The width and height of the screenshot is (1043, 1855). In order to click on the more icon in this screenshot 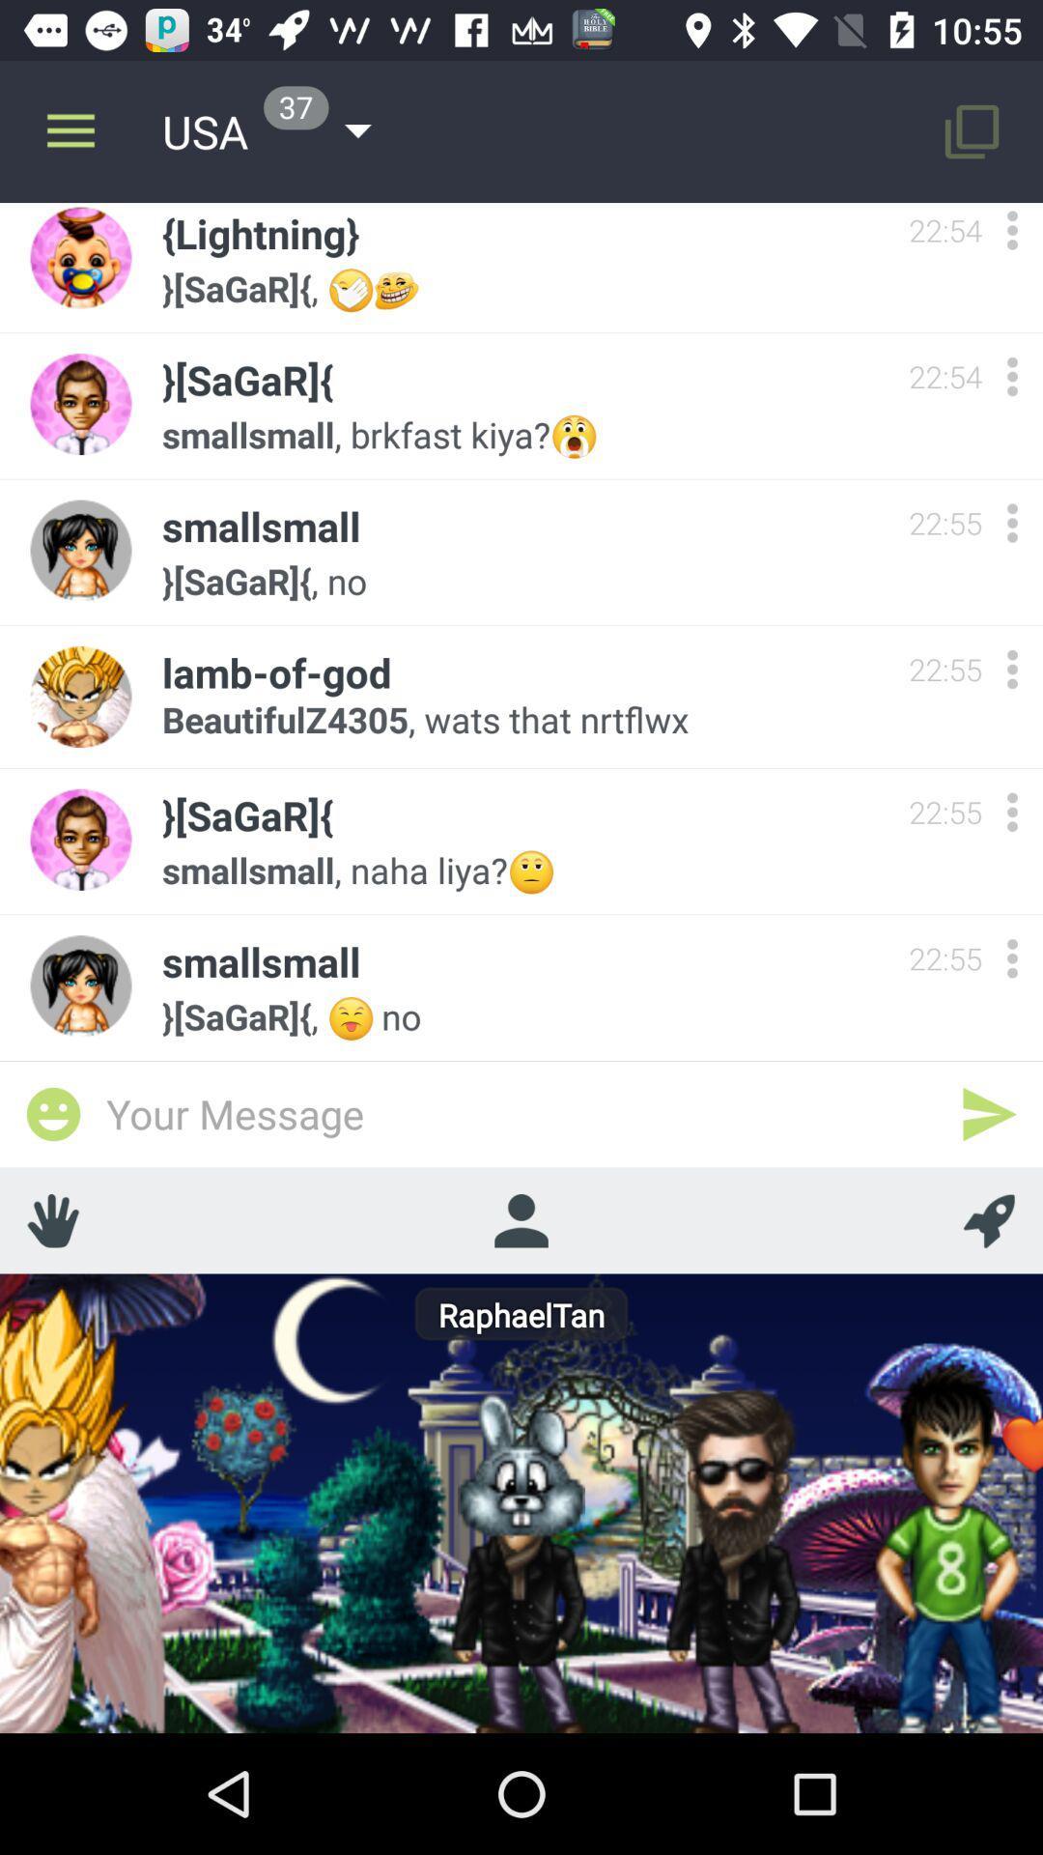, I will do `click(1011, 376)`.